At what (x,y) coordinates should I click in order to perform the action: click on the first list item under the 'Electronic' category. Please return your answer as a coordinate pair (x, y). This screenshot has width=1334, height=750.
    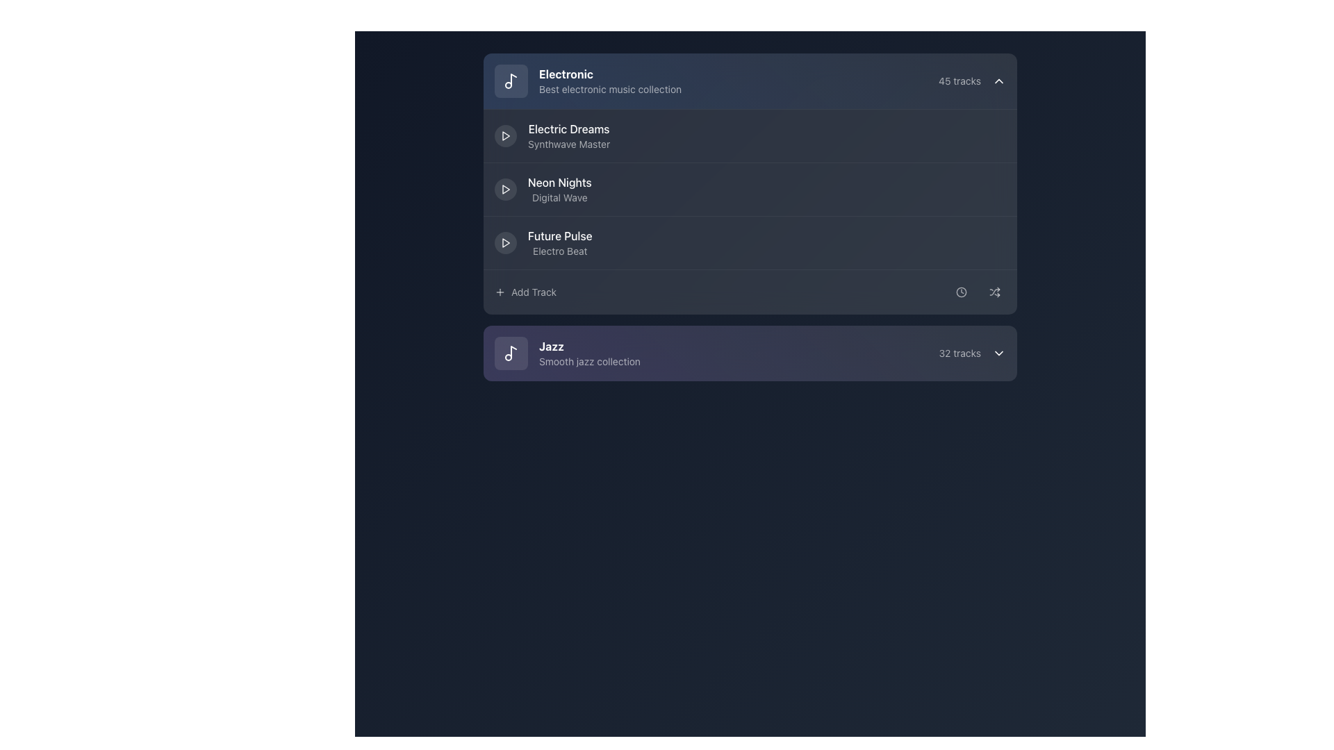
    Looking at the image, I should click on (552, 136).